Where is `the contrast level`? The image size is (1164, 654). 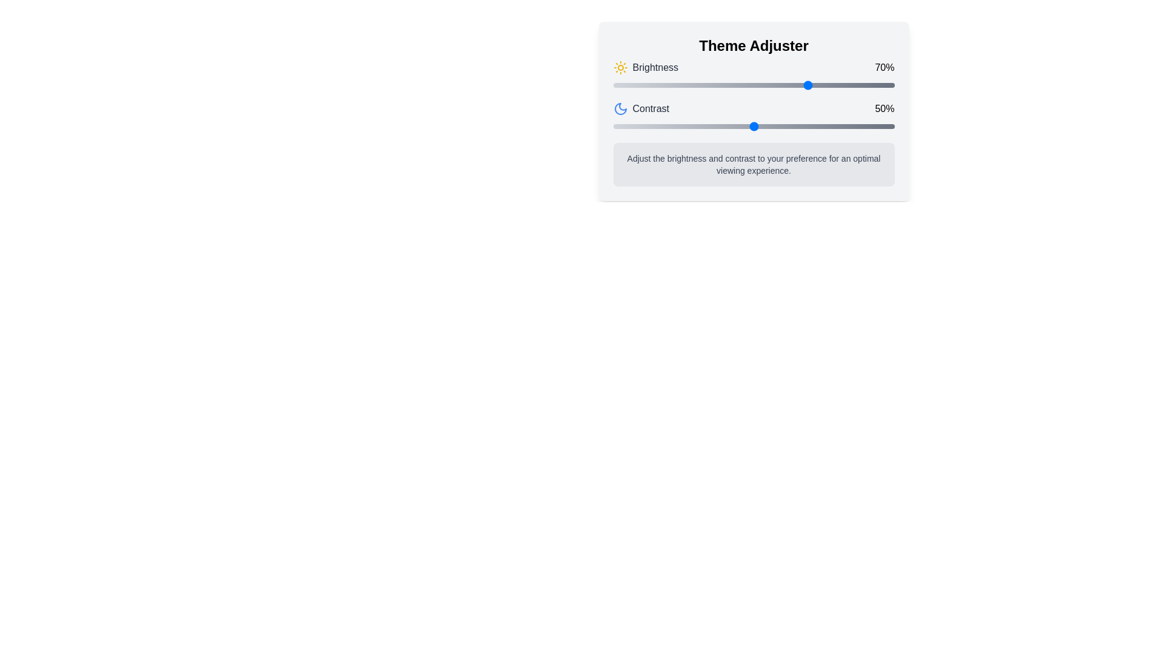 the contrast level is located at coordinates (753, 126).